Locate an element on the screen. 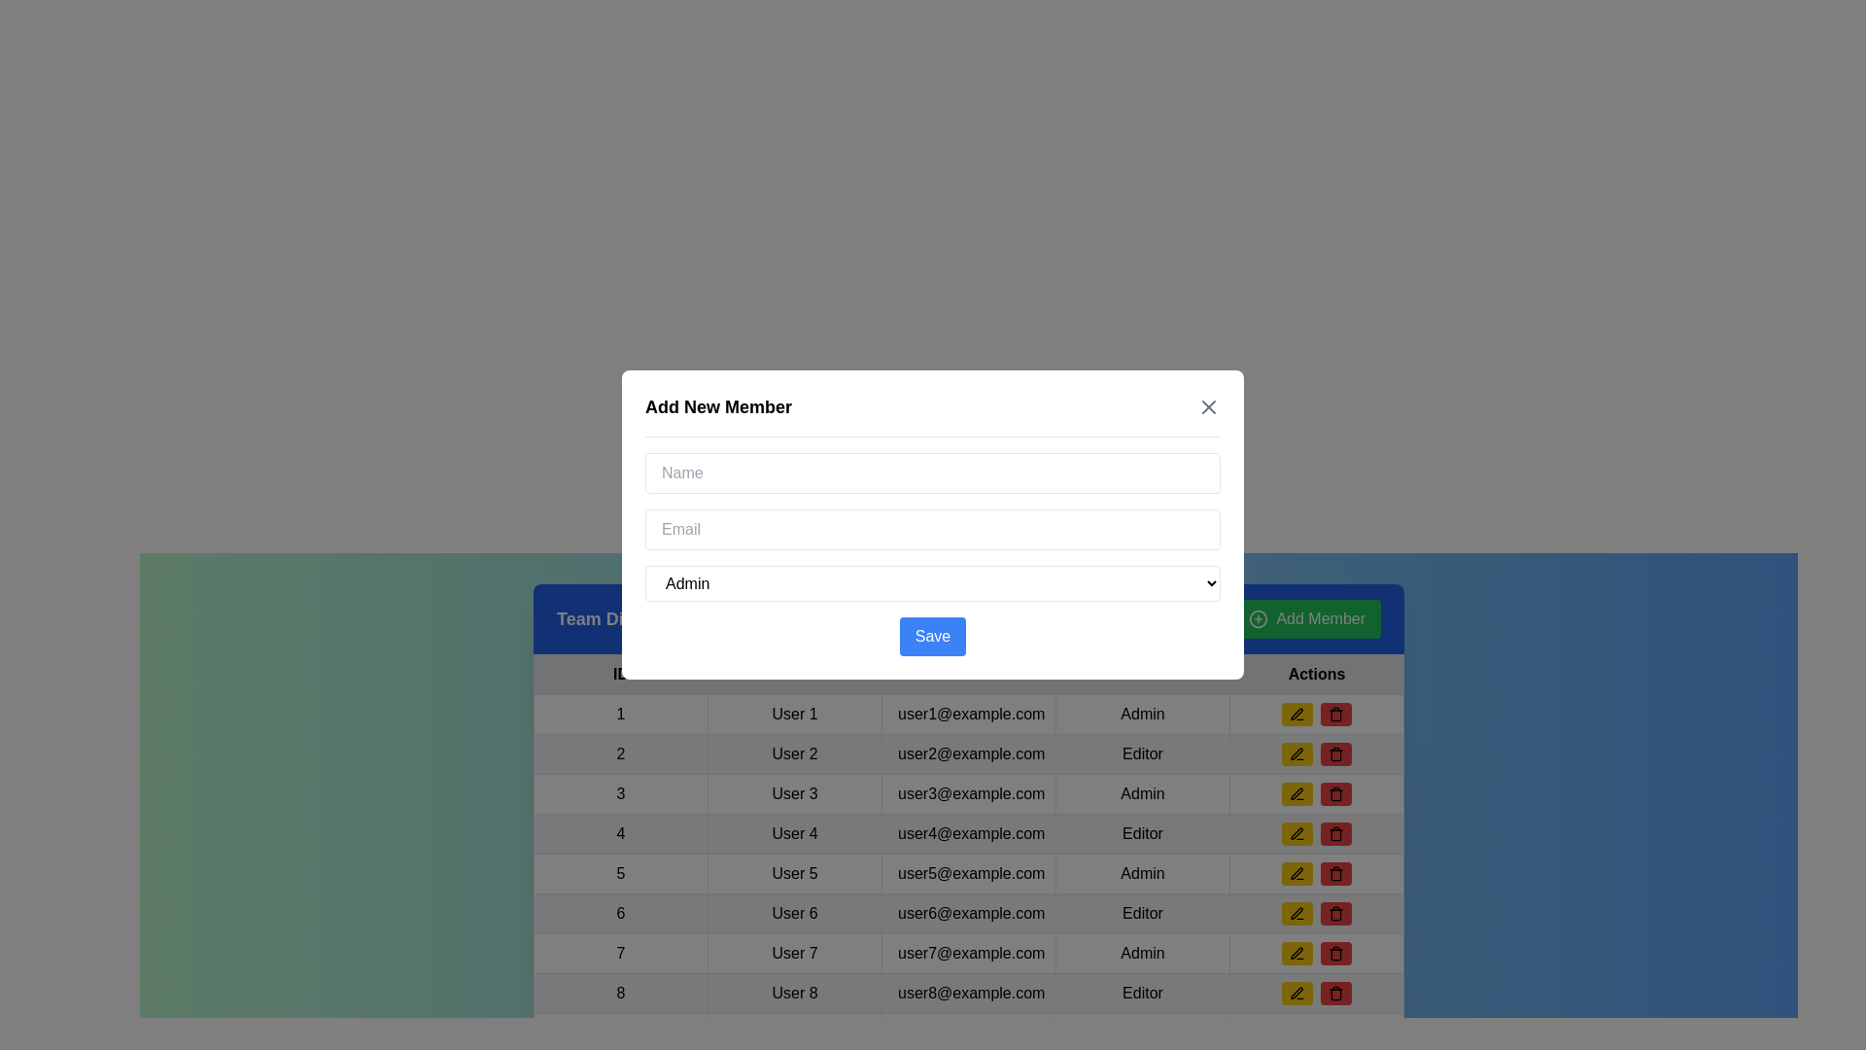 The image size is (1866, 1050). the trash can icon within the red rounded rectangular button in the 'Actions' column of the data table is located at coordinates (1334, 832).